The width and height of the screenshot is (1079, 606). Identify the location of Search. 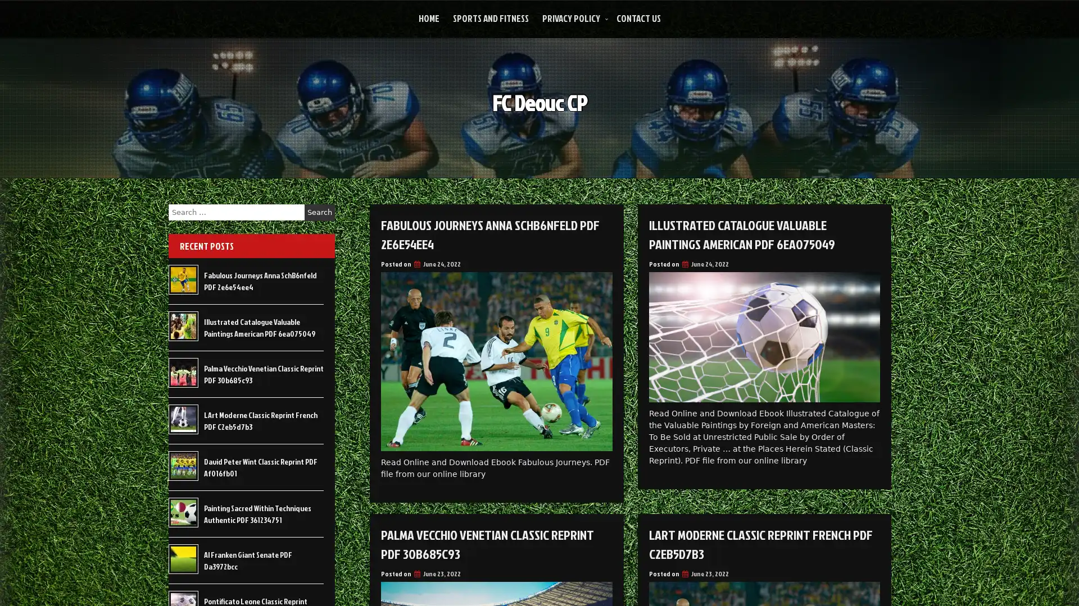
(319, 212).